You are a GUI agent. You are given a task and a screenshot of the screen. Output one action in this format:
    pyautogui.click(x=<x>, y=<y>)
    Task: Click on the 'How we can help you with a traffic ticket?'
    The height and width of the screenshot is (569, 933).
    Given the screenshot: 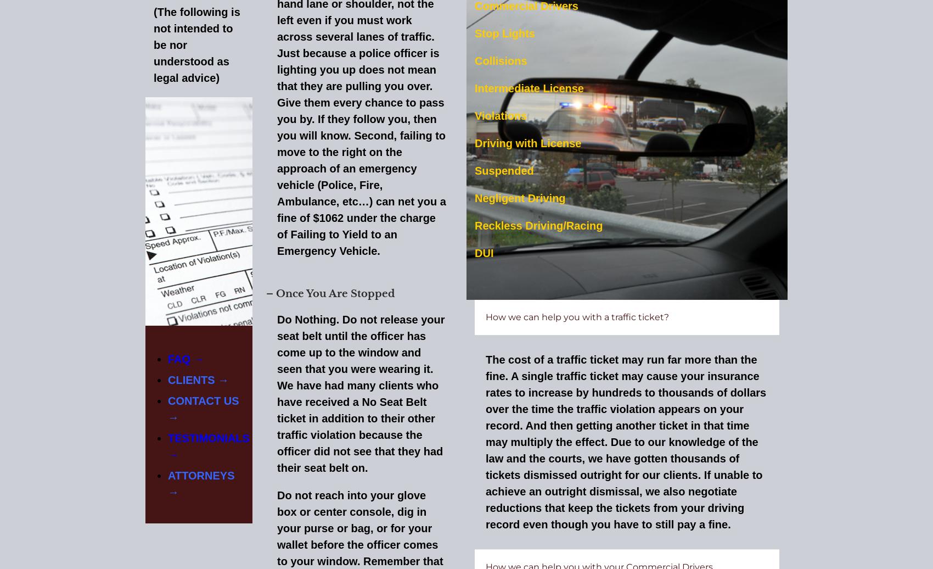 What is the action you would take?
    pyautogui.click(x=486, y=316)
    